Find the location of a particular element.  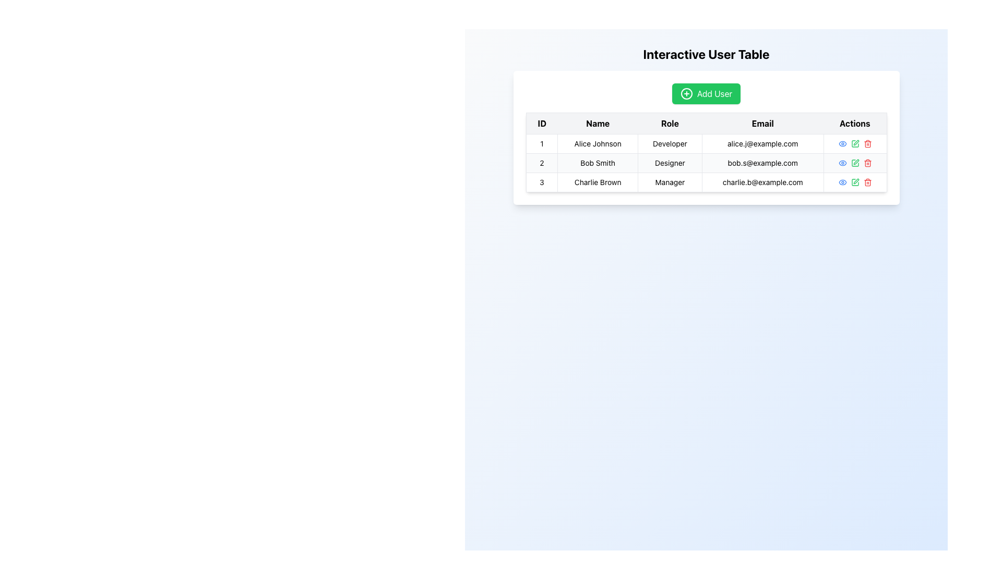

the static text element indicating the role of the user 'Alice Johnson' in the first row of the table under the 'Role' header is located at coordinates (670, 144).